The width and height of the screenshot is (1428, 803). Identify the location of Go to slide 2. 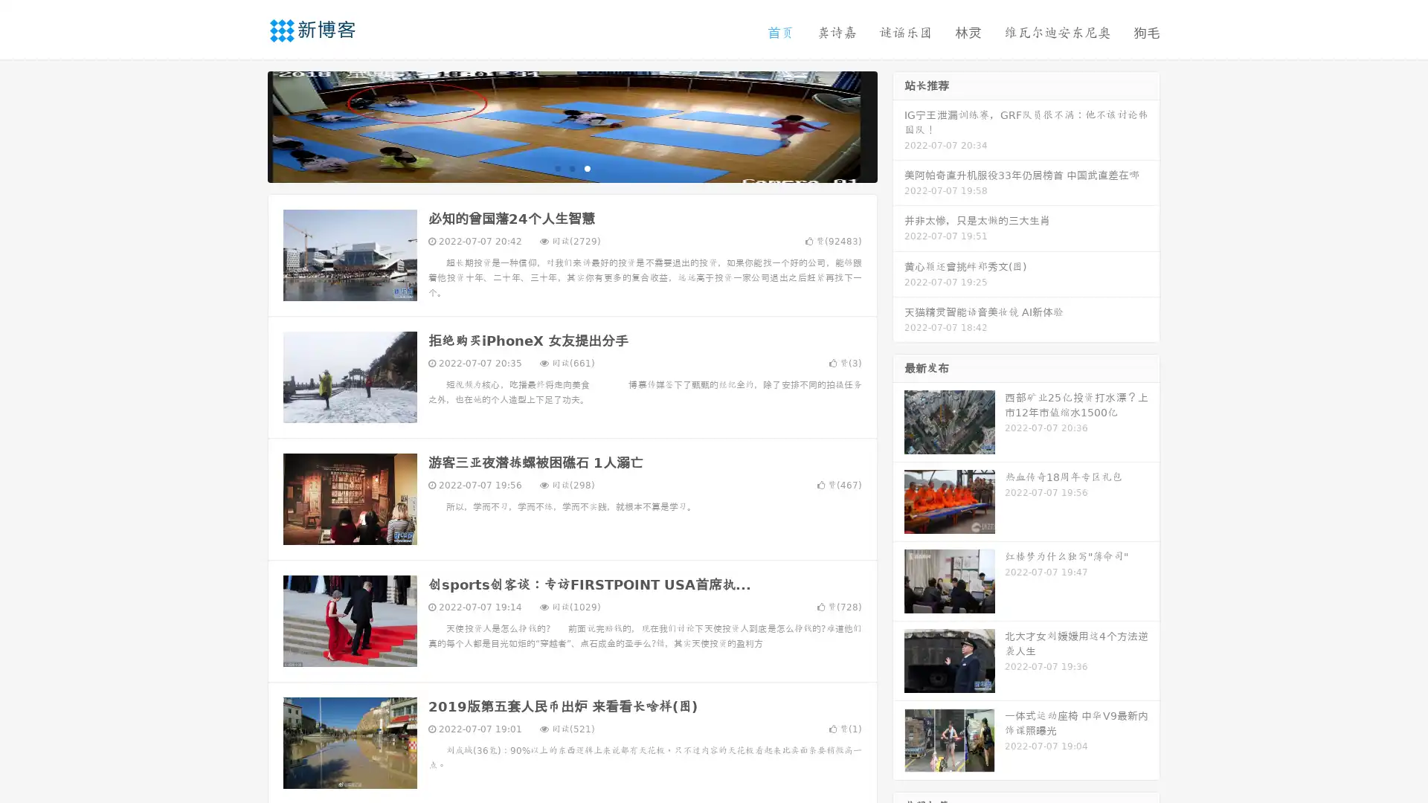
(571, 167).